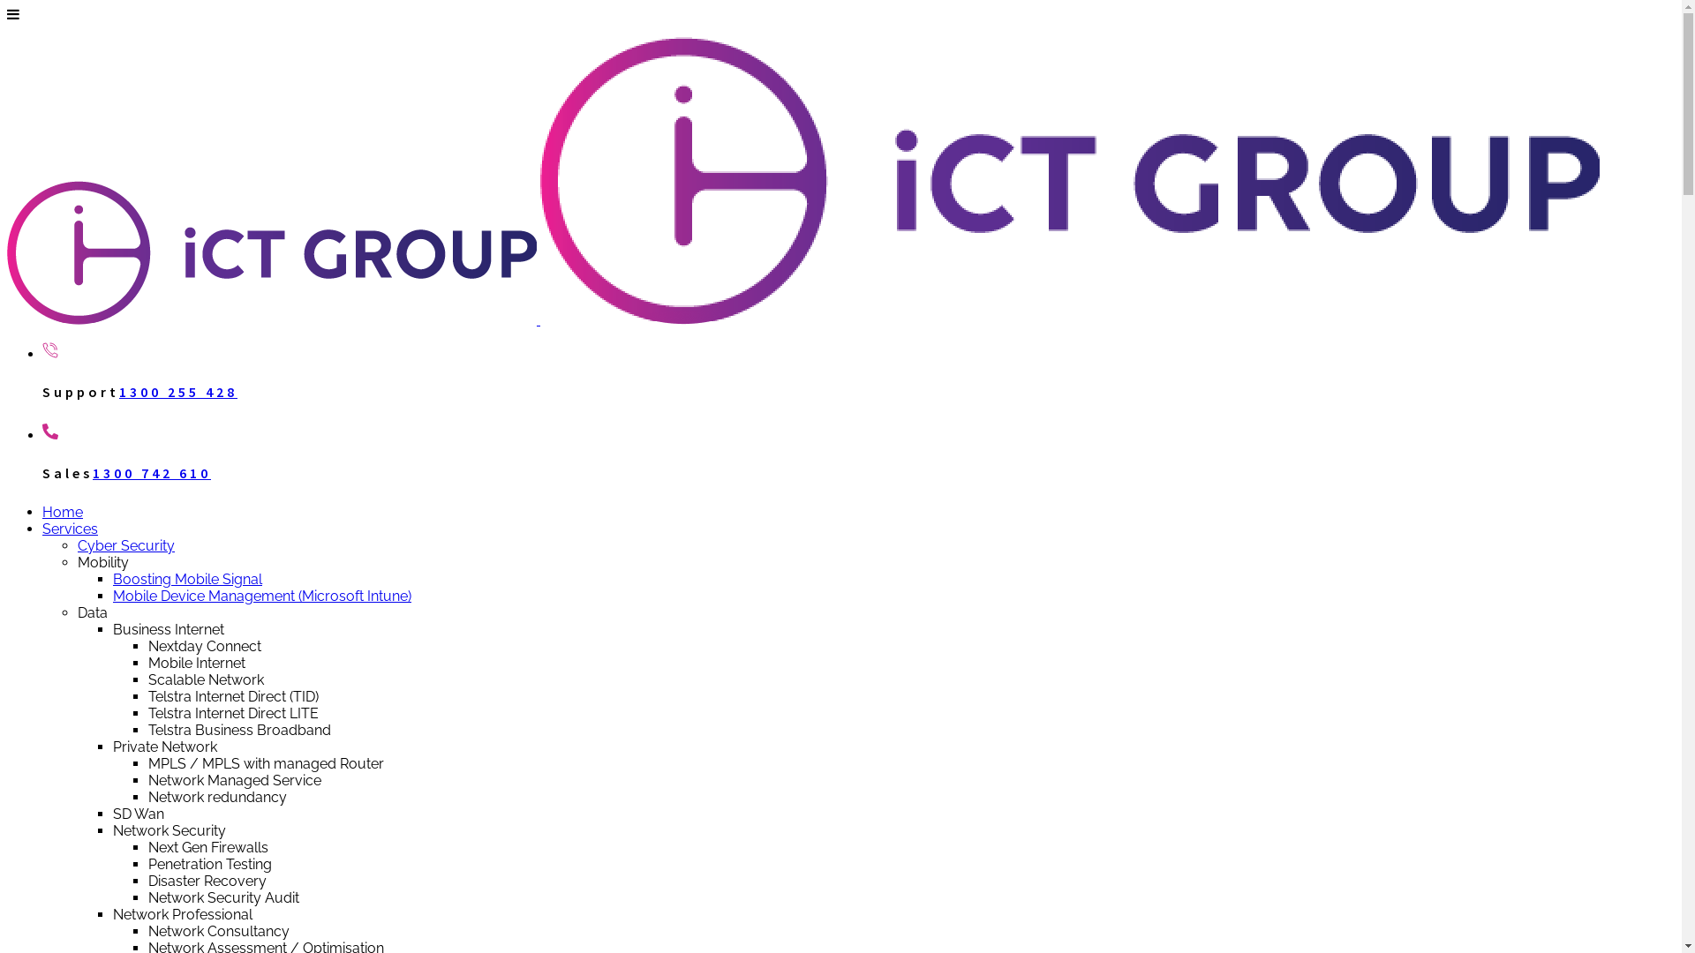 The image size is (1695, 953). Describe the element at coordinates (148, 897) in the screenshot. I see `'Network Security Audit'` at that location.